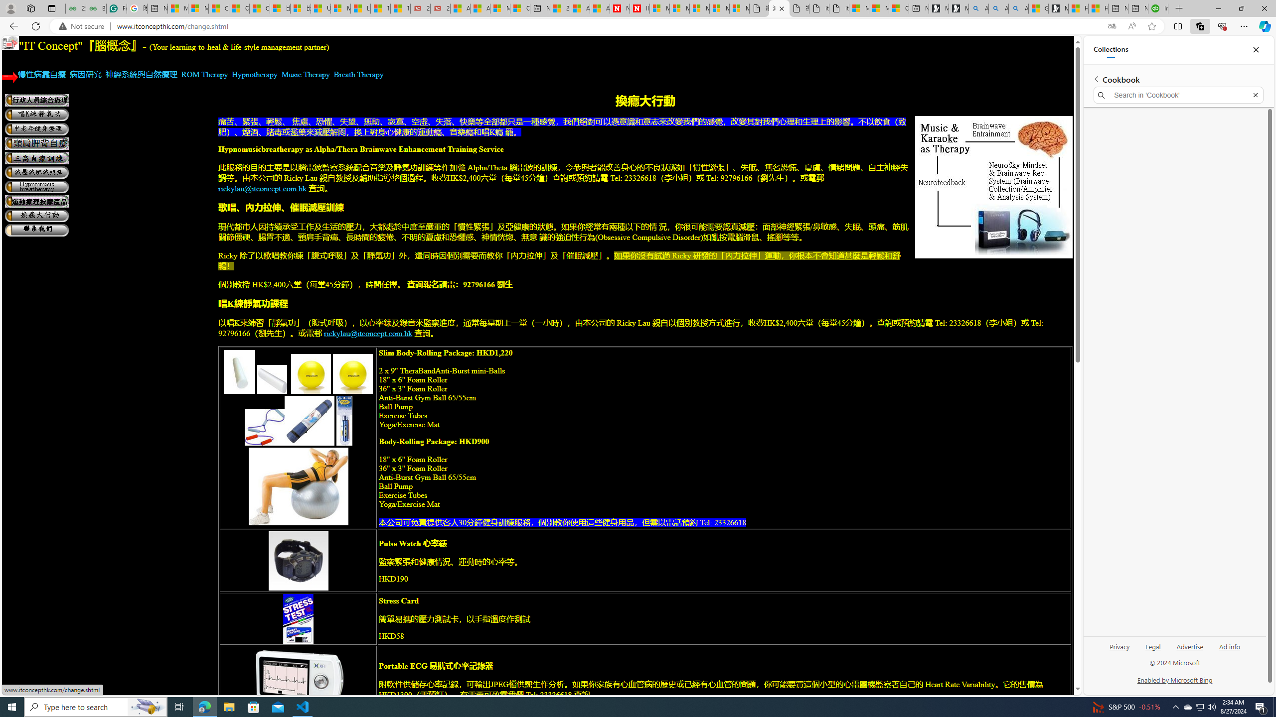 This screenshot has height=717, width=1276. Describe the element at coordinates (1153, 646) in the screenshot. I see `'Legal'` at that location.